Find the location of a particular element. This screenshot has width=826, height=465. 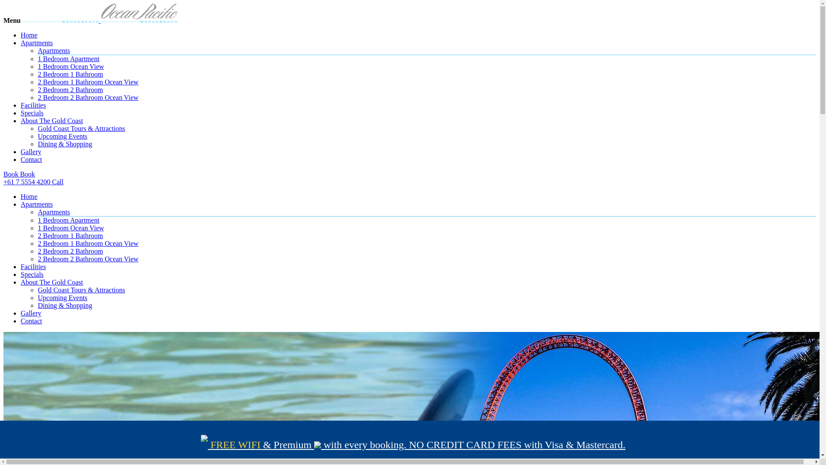

'Upcoming Events' is located at coordinates (62, 297).